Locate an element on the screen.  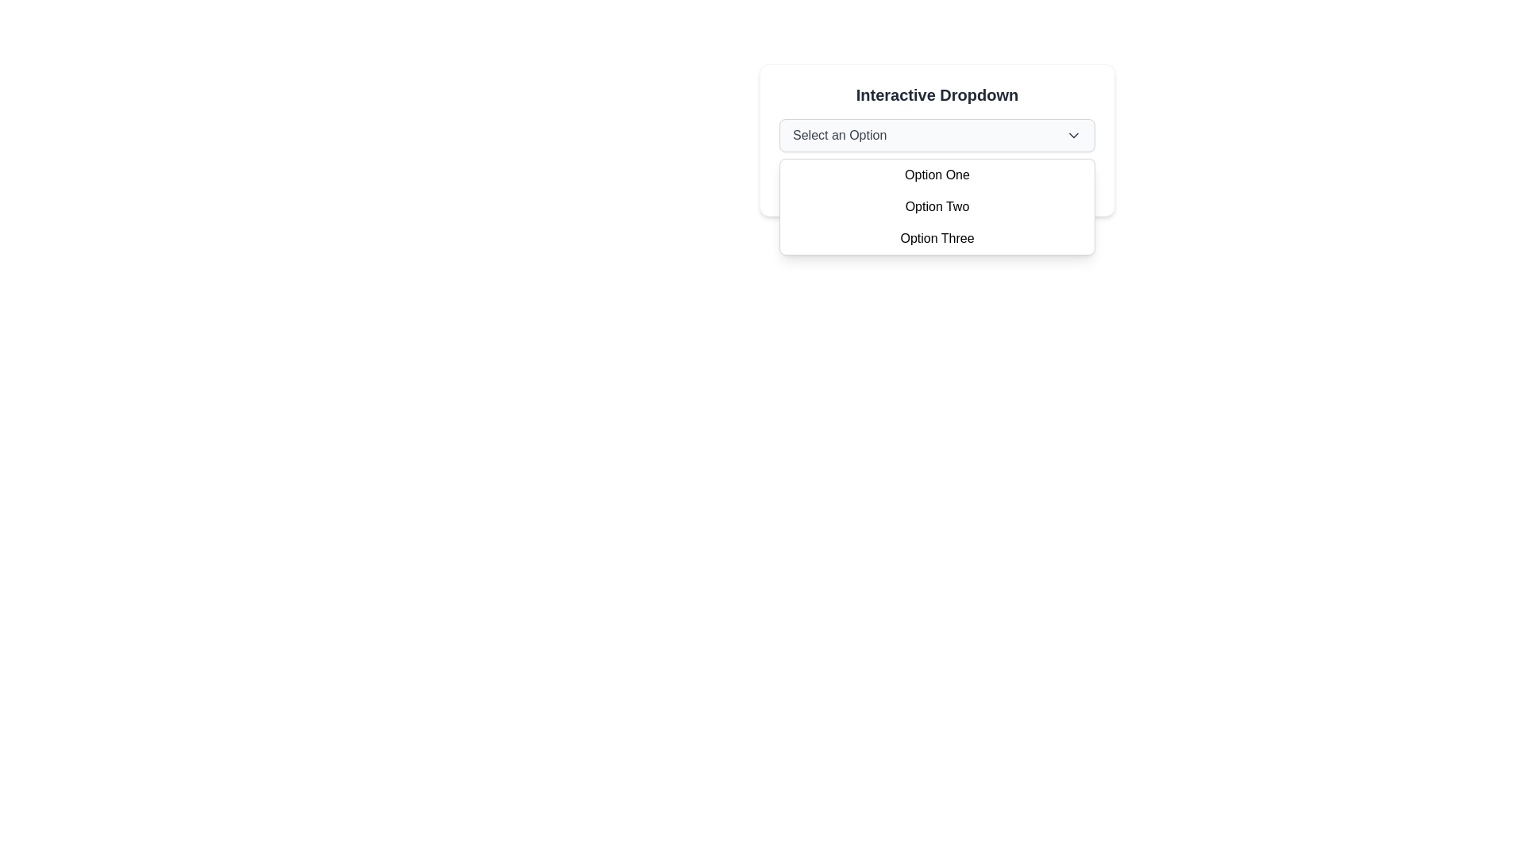
the 'Interactive Dropdown' menu is located at coordinates (937, 140).